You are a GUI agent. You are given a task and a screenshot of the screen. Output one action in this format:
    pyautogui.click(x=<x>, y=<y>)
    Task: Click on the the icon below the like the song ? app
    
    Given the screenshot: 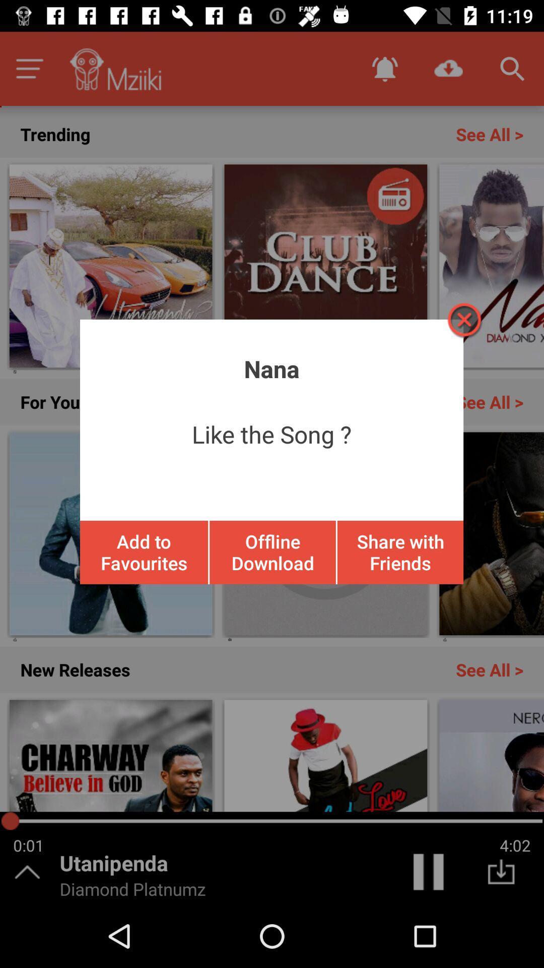 What is the action you would take?
    pyautogui.click(x=273, y=552)
    